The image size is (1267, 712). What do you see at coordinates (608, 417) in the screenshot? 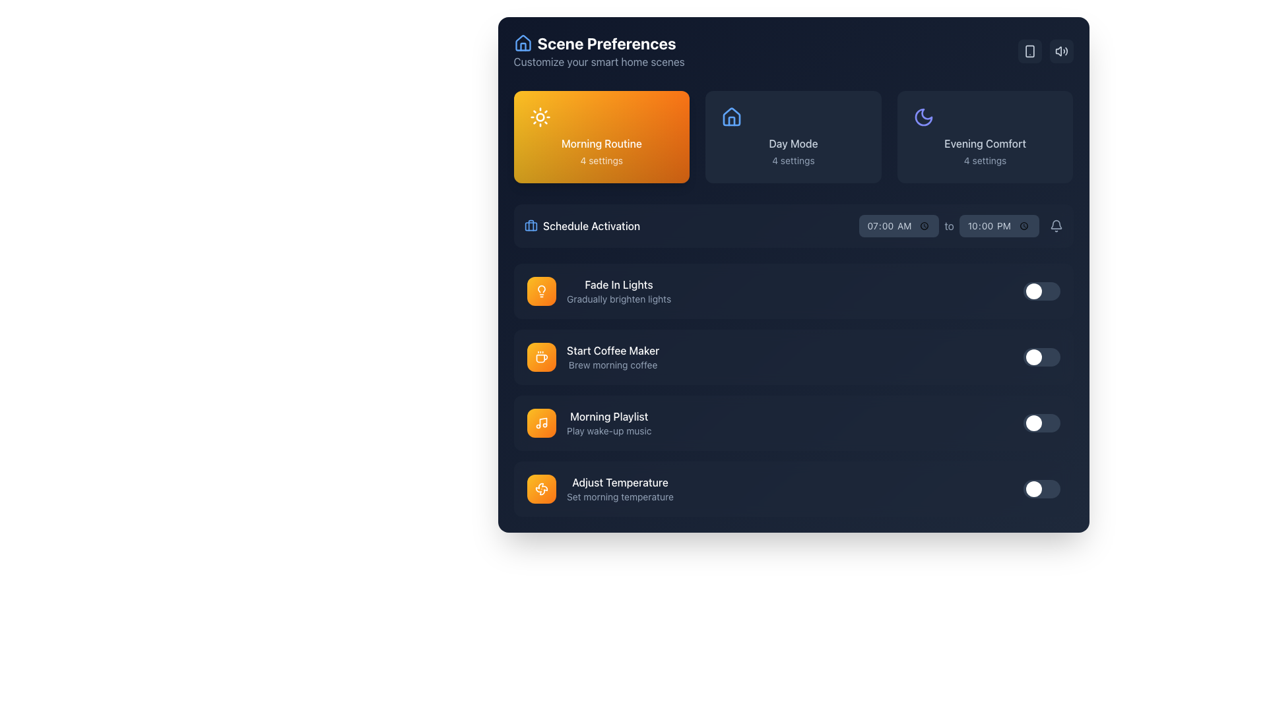
I see `the text label displaying 'Morning Playlist'` at bounding box center [608, 417].